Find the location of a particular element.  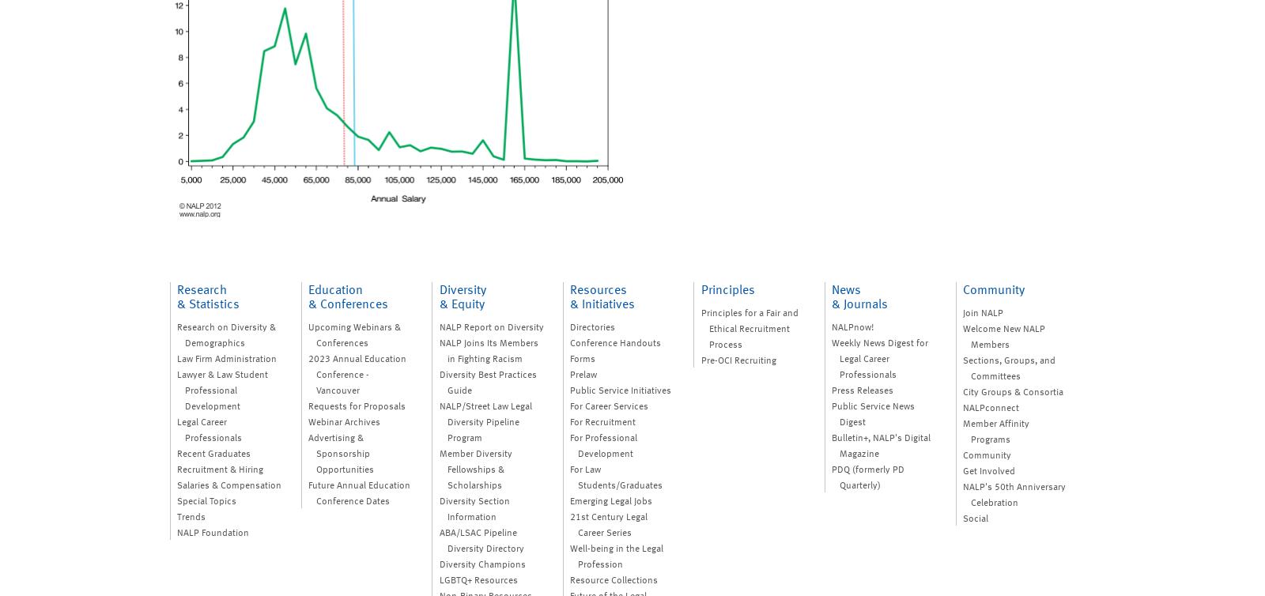

'Lawyer & Law Student Professional Development' is located at coordinates (222, 388).